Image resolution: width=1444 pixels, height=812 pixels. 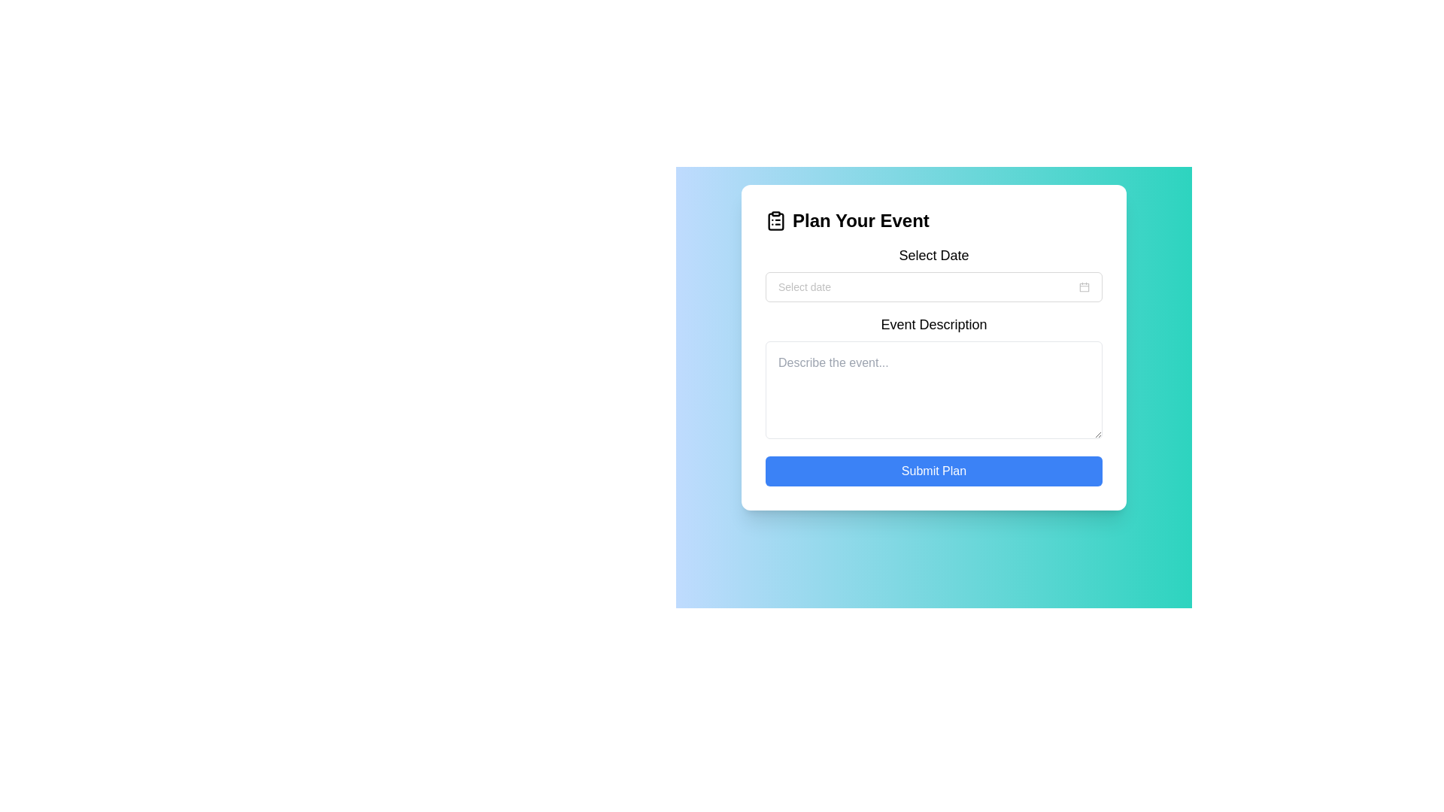 I want to click on the blue button labeled 'Submit Plan', so click(x=933, y=471).